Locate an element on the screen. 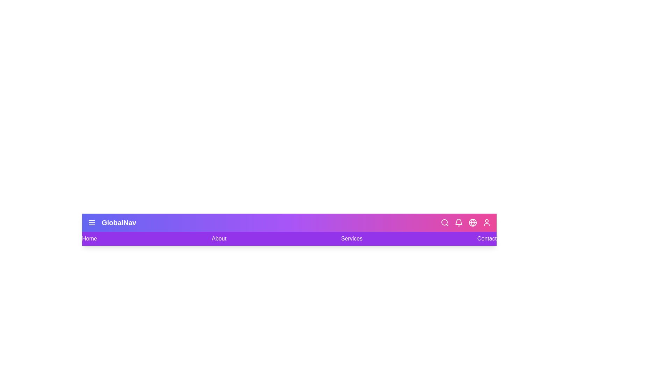  the Profile icon is located at coordinates (486, 222).